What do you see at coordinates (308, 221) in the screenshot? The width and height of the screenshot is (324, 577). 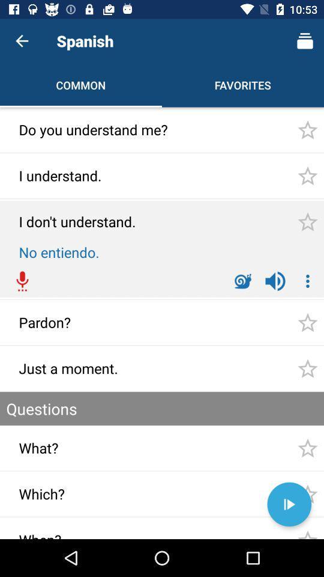 I see `the third star icon` at bounding box center [308, 221].